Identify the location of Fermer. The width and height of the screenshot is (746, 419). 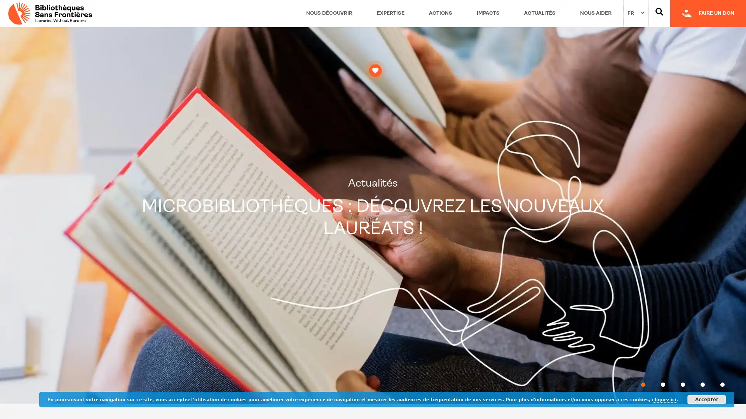
(451, 136).